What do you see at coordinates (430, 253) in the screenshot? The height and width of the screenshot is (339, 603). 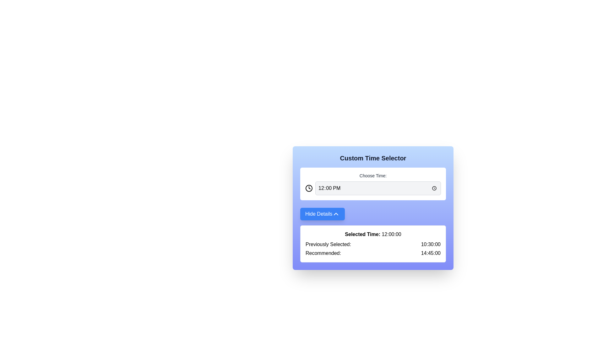 I see `the static text display showing '14:45:00', which is positioned to the right of the label 'Recommended:' inside a white box at the bottom right corner of the blue interface` at bounding box center [430, 253].